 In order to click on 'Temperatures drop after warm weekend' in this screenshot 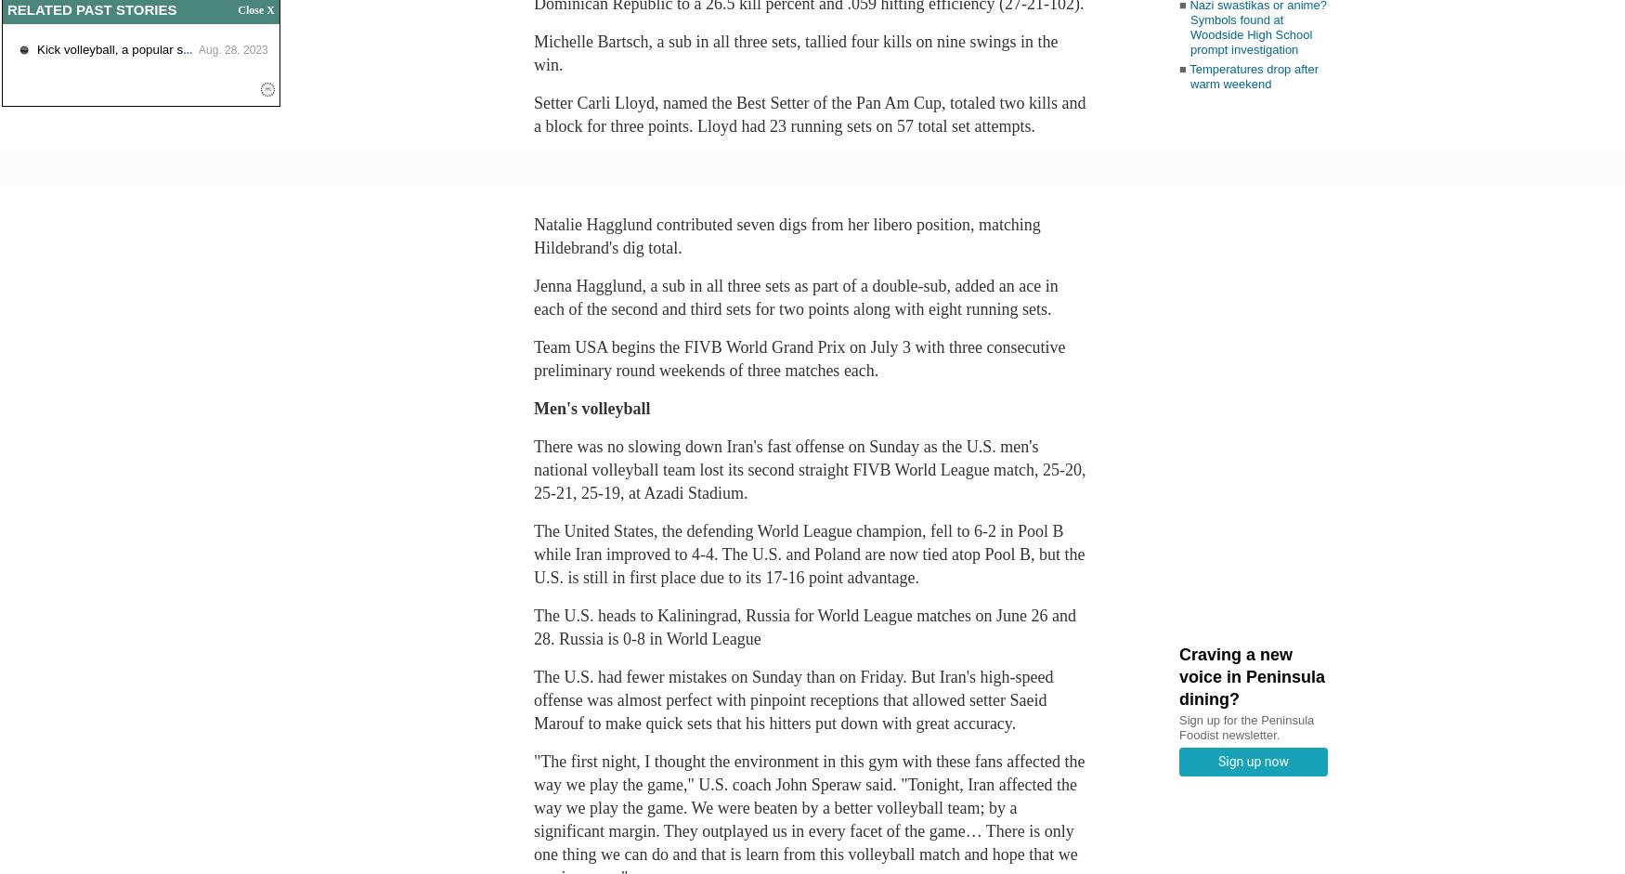, I will do `click(1253, 74)`.